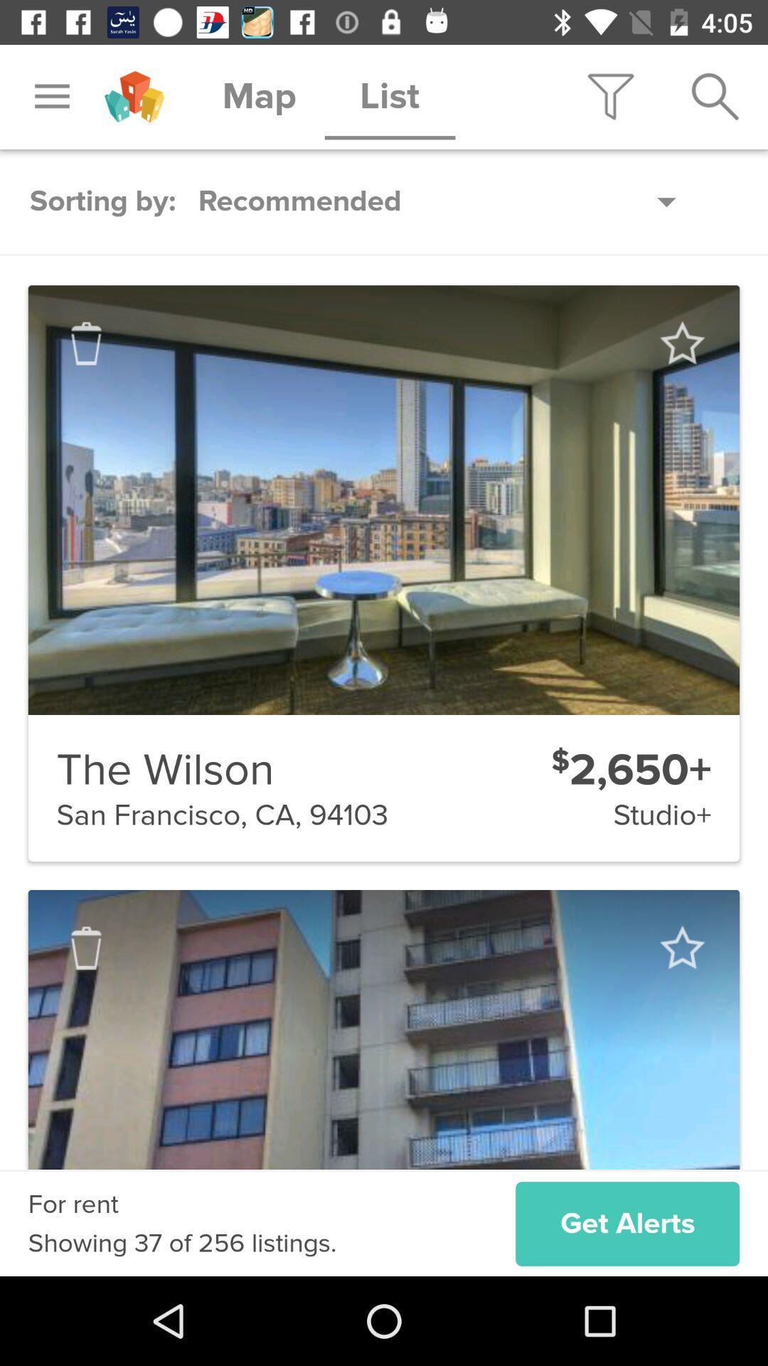 The height and width of the screenshot is (1366, 768). Describe the element at coordinates (86, 948) in the screenshot. I see `delete button` at that location.